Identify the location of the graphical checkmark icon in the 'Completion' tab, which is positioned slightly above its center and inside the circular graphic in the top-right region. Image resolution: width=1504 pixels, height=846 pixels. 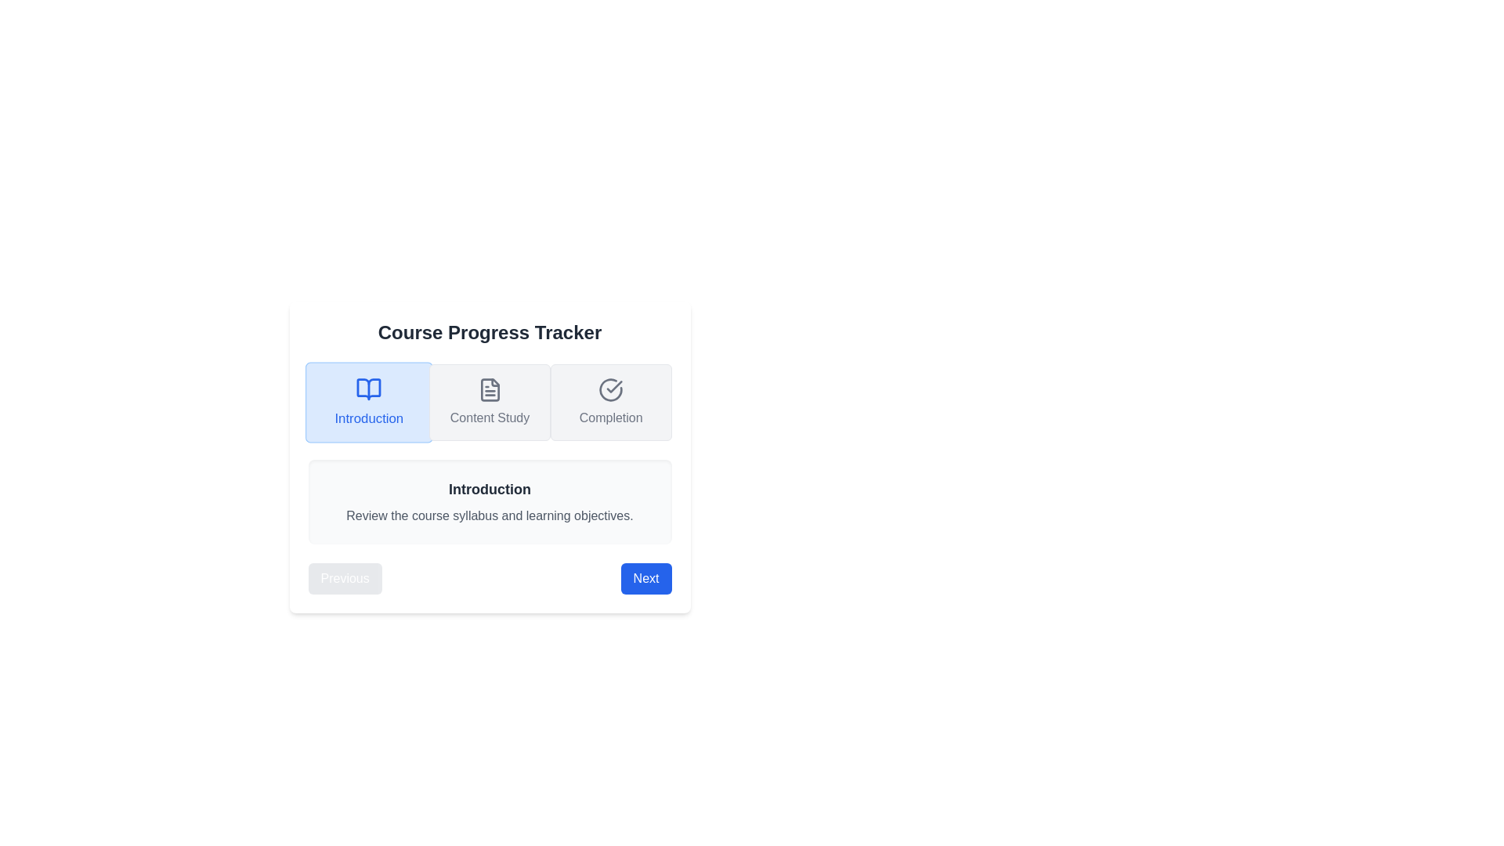
(613, 386).